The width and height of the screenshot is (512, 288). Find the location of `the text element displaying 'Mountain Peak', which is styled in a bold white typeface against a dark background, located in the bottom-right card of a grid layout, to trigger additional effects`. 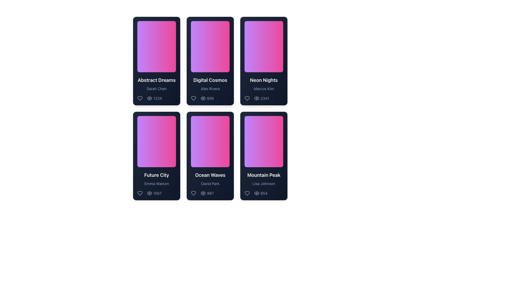

the text element displaying 'Mountain Peak', which is styled in a bold white typeface against a dark background, located in the bottom-right card of a grid layout, to trigger additional effects is located at coordinates (264, 175).